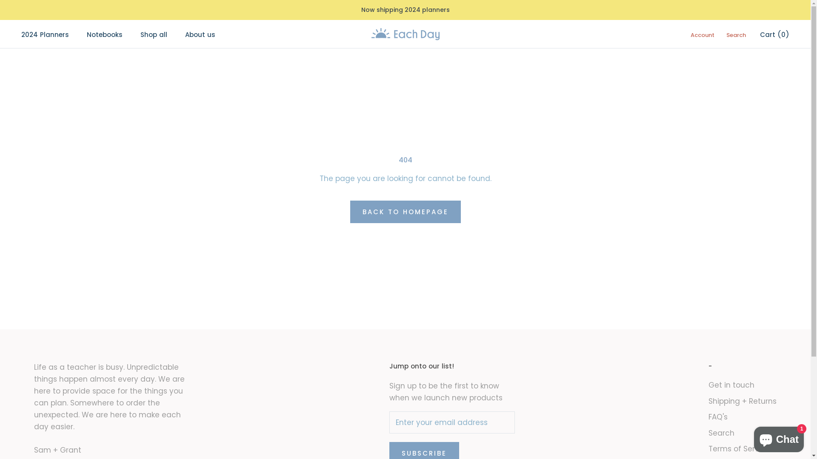 This screenshot has height=459, width=817. What do you see at coordinates (404, 10) in the screenshot?
I see `'Now shipping 2024 planners'` at bounding box center [404, 10].